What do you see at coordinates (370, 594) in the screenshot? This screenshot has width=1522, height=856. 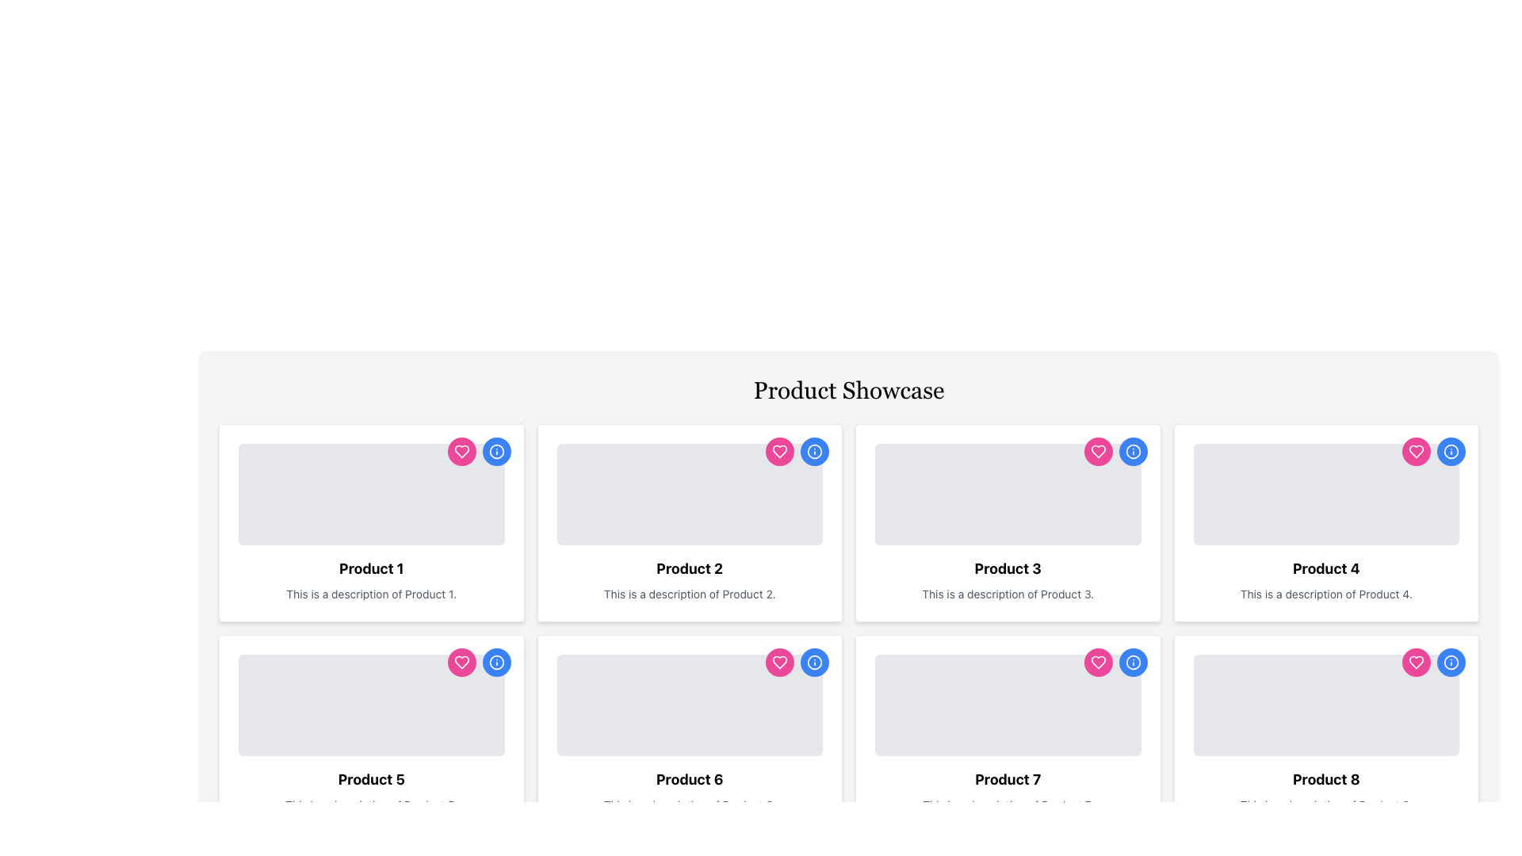 I see `the text display element that reads 'This is a description of Product 1.' positioned in the lower section of the product card` at bounding box center [370, 594].